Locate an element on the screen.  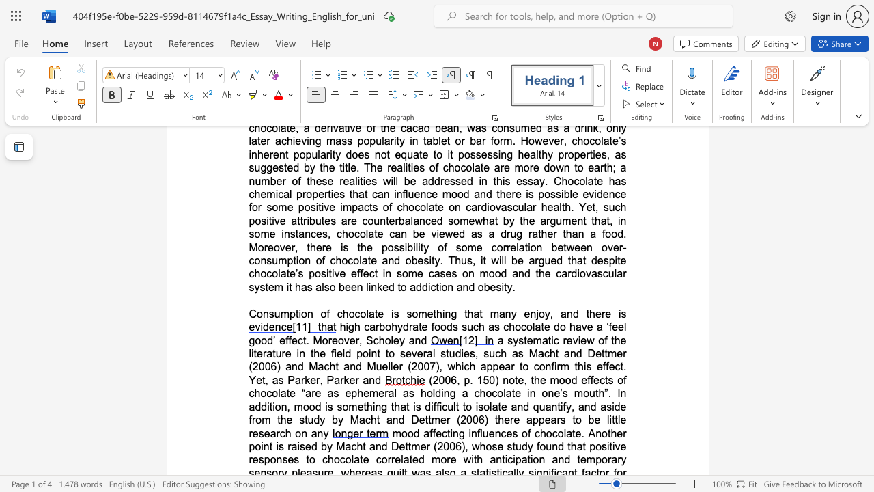
the subset text "ch" within the text "high carbohydrate foods such as chocolate do have a ‘feel good’ effect. Moreover, Scholey and" is located at coordinates (503, 327).